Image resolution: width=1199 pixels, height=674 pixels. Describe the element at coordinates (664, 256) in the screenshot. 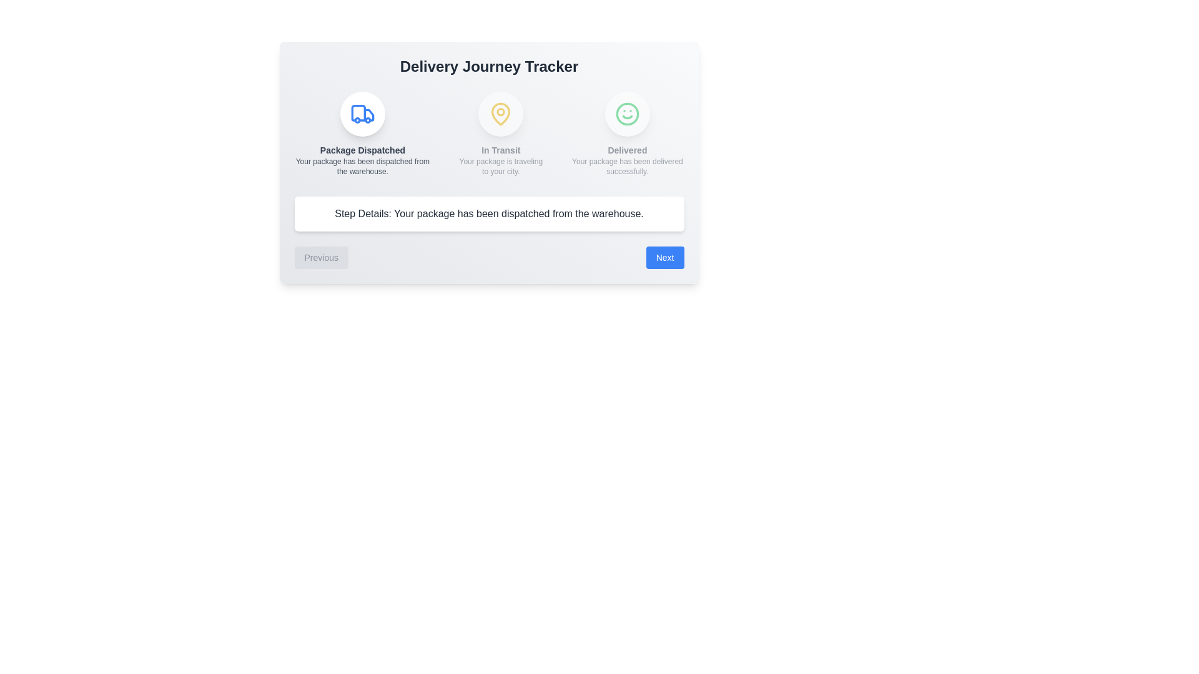

I see `the Next button to navigate through the steps` at that location.